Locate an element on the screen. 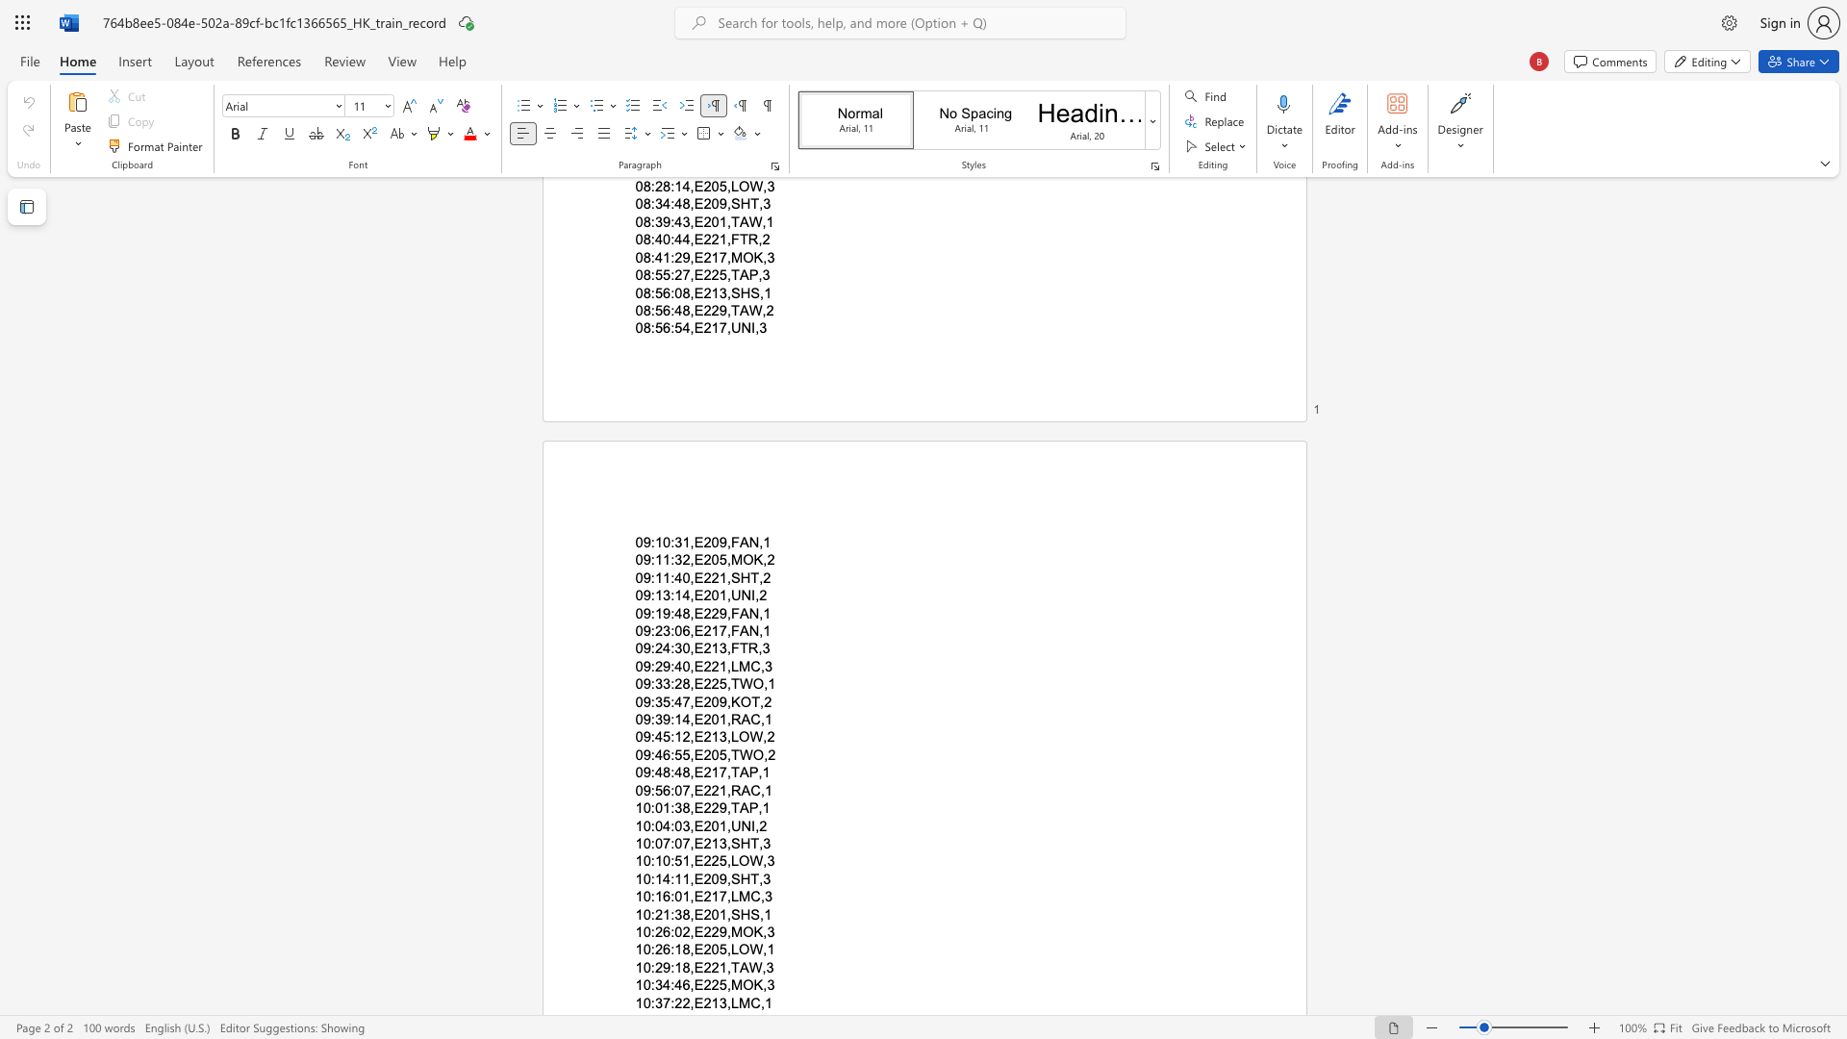 This screenshot has width=1847, height=1039. the space between the continuous character "E" and "2" in the text is located at coordinates (701, 860).